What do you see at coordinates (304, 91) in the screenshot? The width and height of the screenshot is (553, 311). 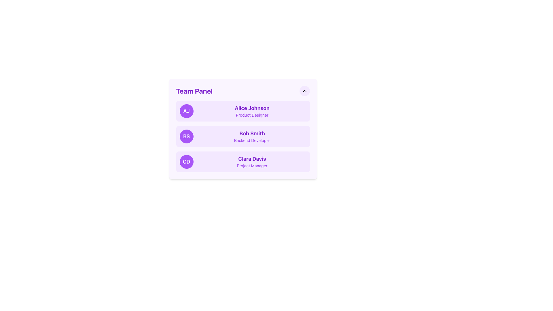 I see `the button with an upward arrow located in the top-right corner of the 'Team Panel'` at bounding box center [304, 91].